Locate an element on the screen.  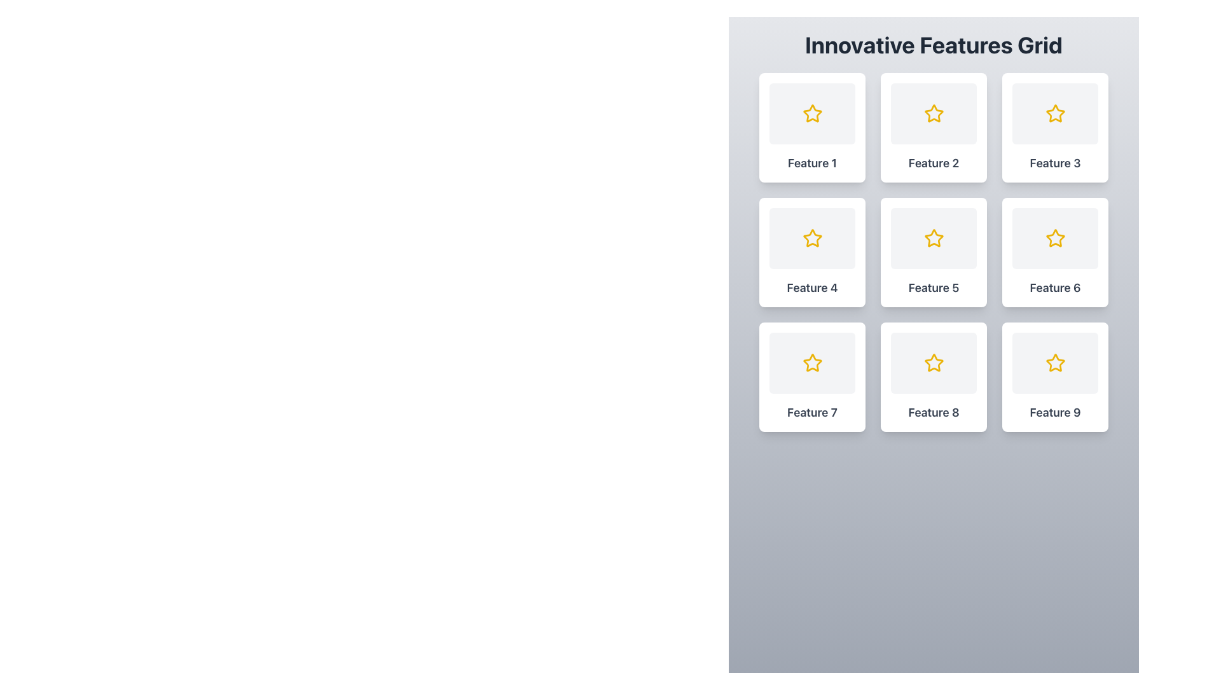
text content of the label that reads 'Feature 9', which is styled in large, bold gray font and is located below the yellow star icon in the bottom-right card of the Innovative Features Grid is located at coordinates (1055, 412).